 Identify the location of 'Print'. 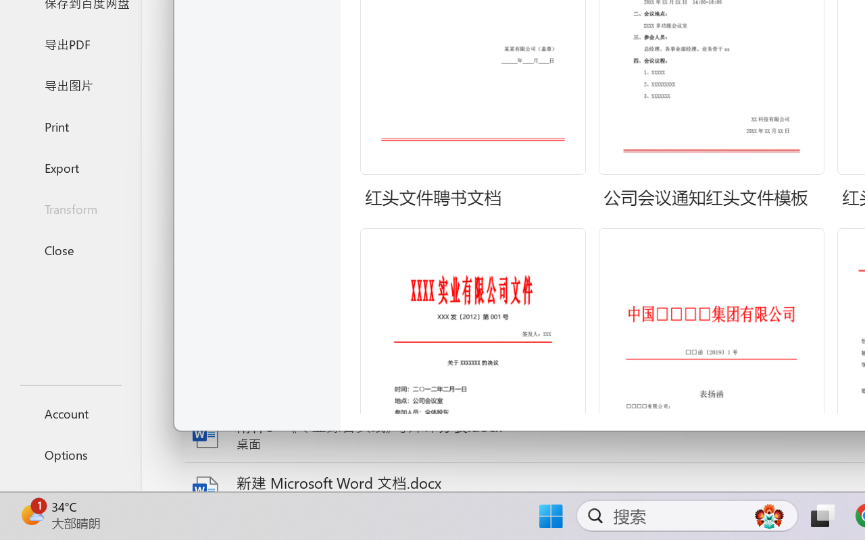
(70, 126).